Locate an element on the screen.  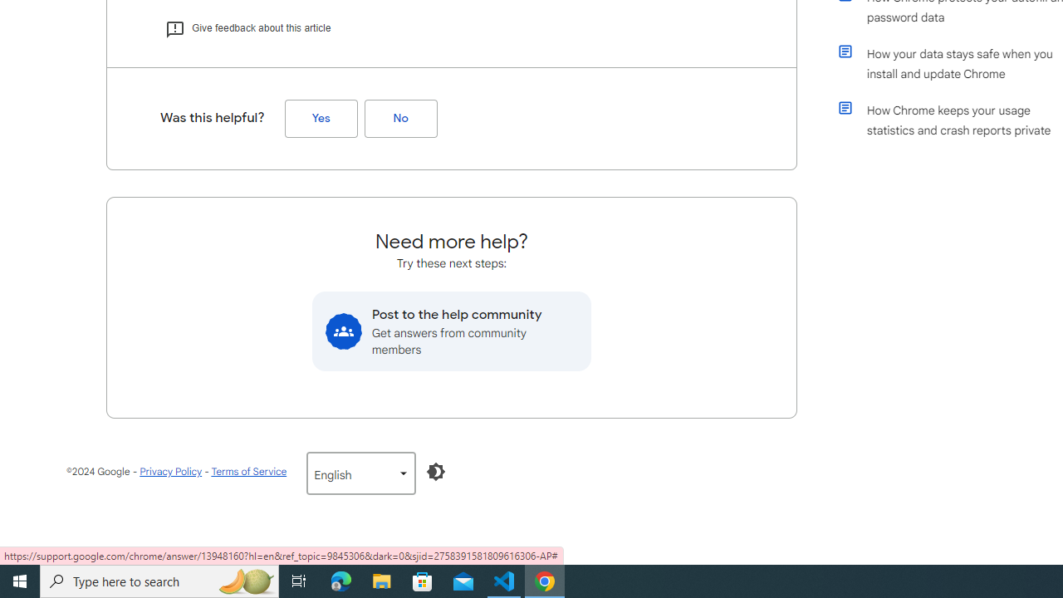
'Enable Dark Mode' is located at coordinates (436, 472).